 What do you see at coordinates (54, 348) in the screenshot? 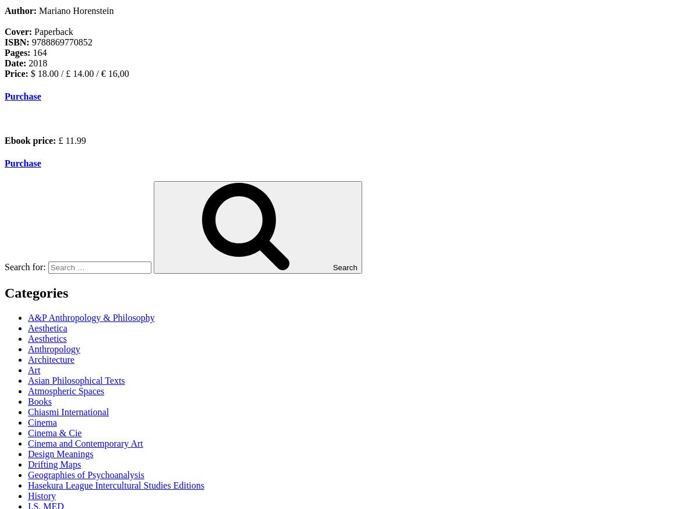
I see `'Anthropology'` at bounding box center [54, 348].